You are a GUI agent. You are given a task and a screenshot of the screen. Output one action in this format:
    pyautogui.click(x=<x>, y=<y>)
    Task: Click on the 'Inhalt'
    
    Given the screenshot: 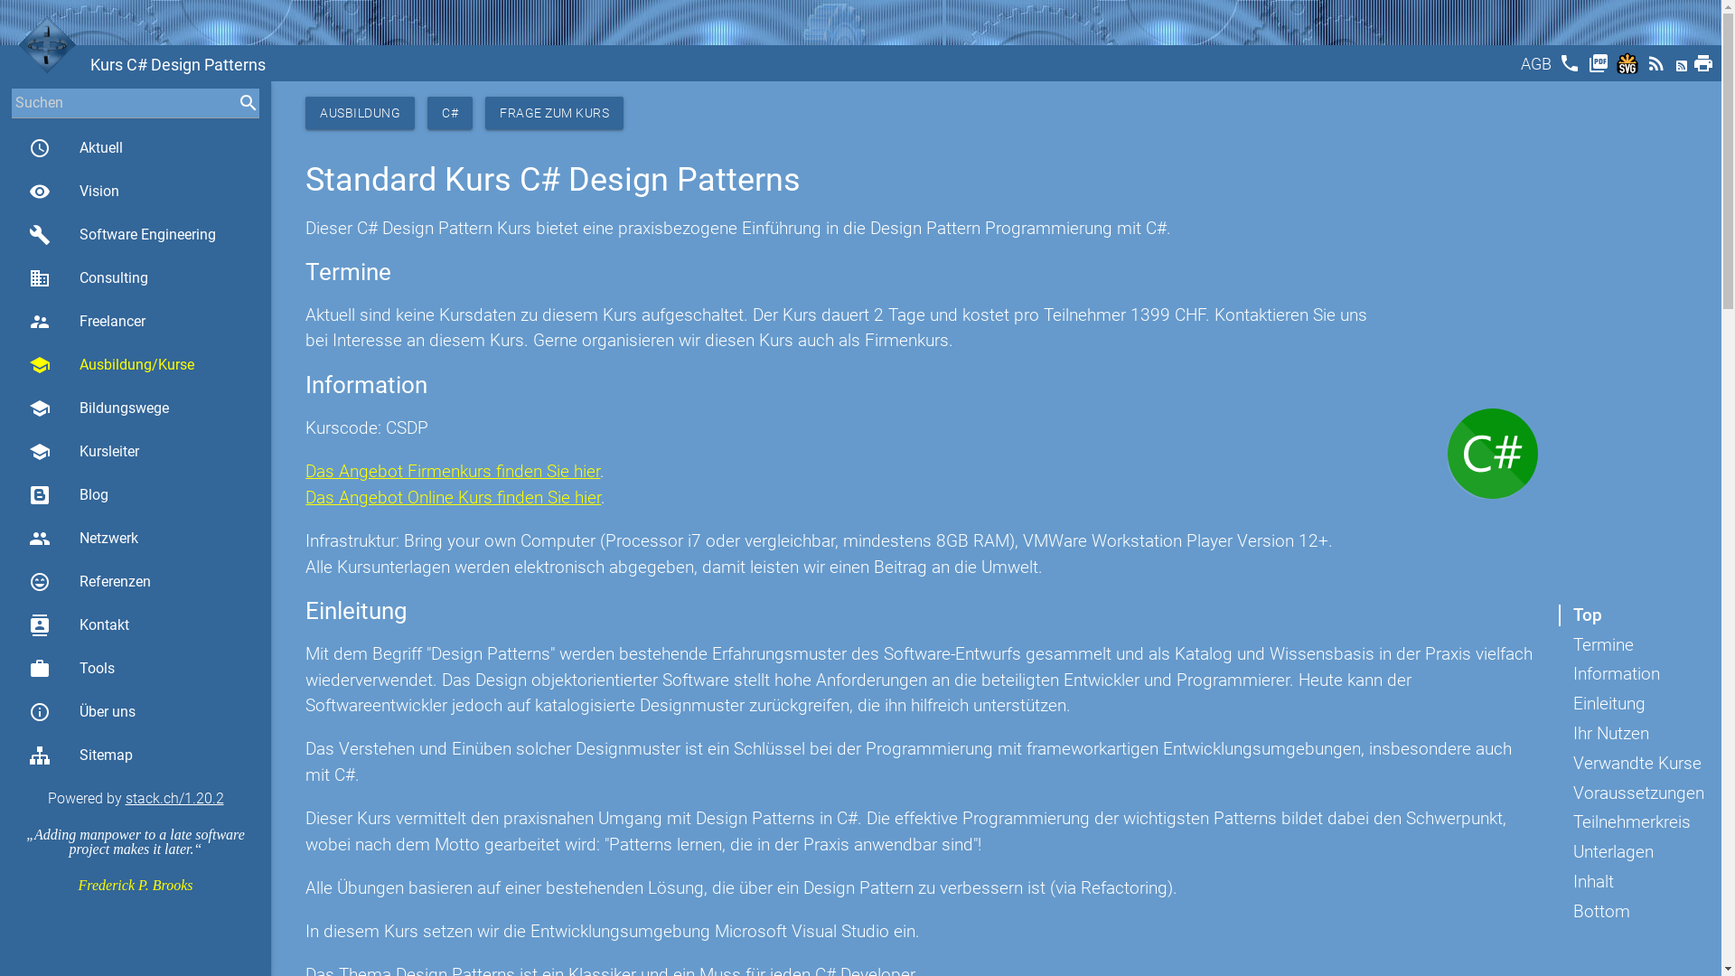 What is the action you would take?
    pyautogui.click(x=1585, y=880)
    